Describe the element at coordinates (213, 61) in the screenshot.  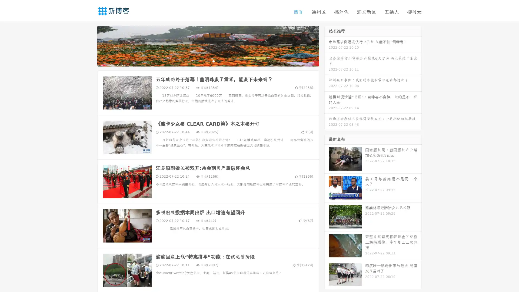
I see `Go to slide 3` at that location.